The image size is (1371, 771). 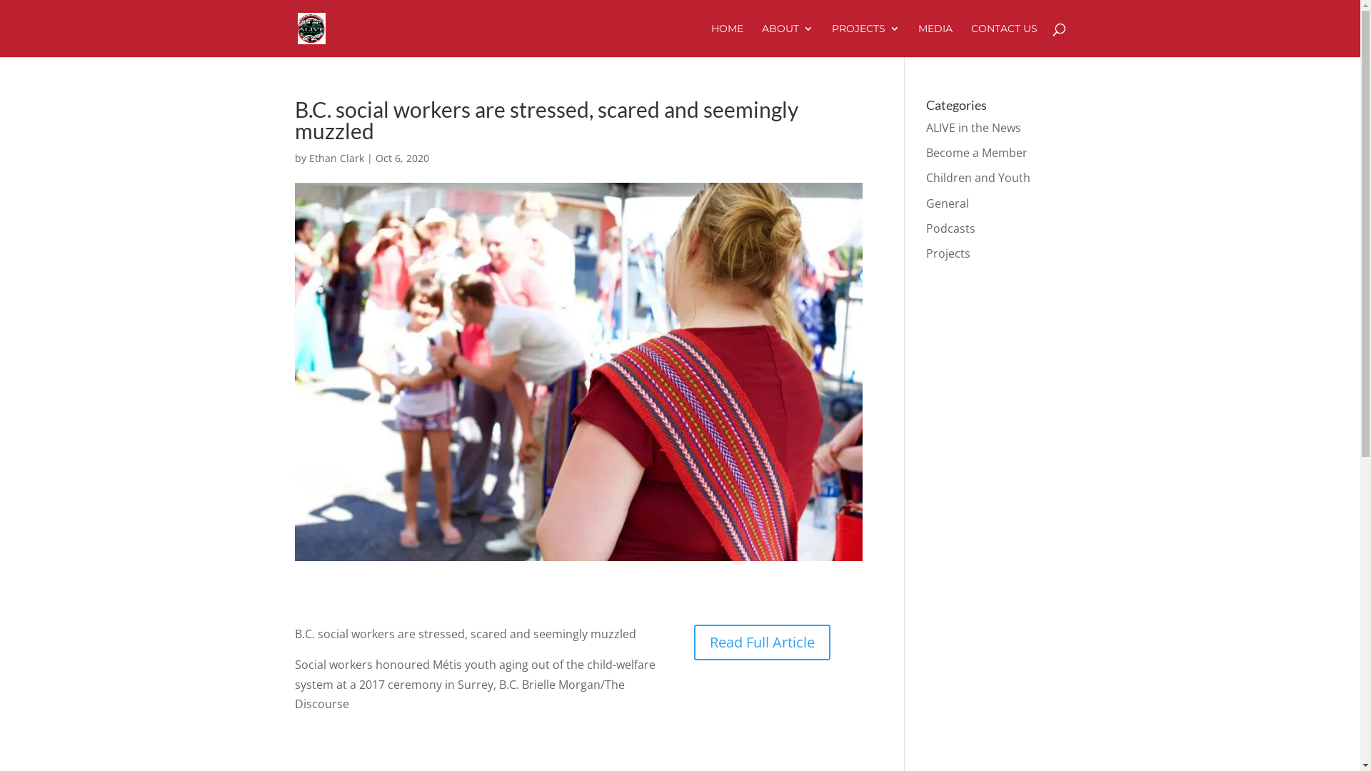 I want to click on 'ALIVE in the News', so click(x=973, y=126).